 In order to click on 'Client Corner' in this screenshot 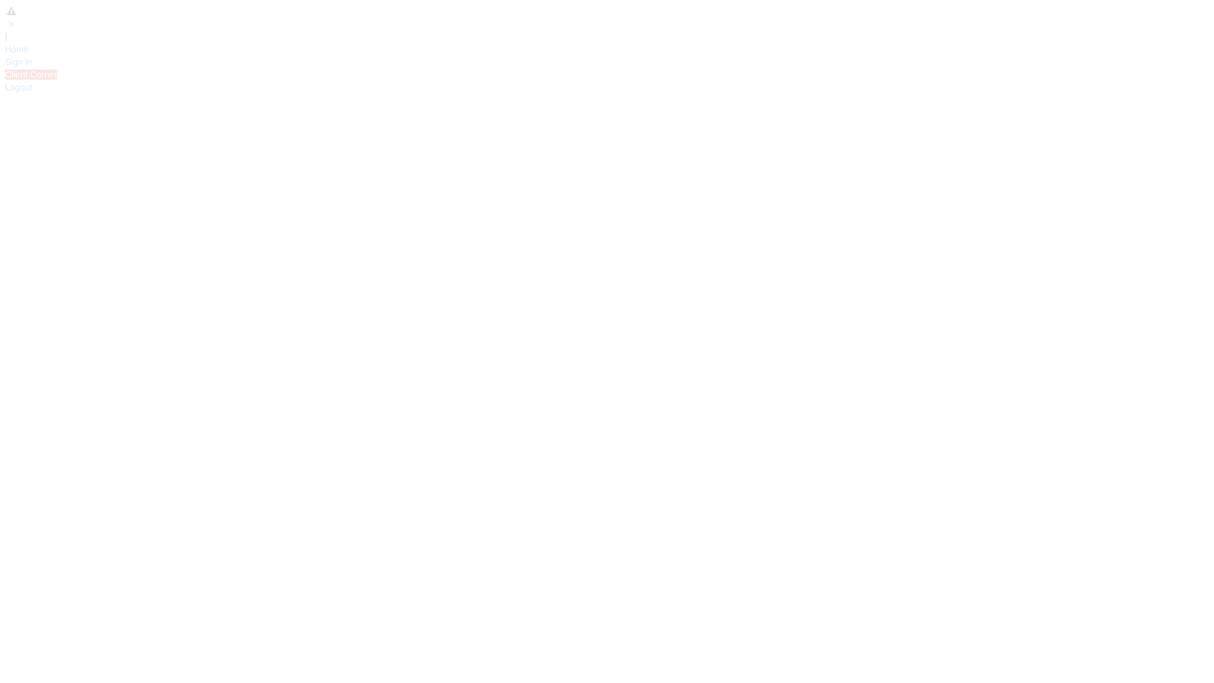, I will do `click(30, 75)`.